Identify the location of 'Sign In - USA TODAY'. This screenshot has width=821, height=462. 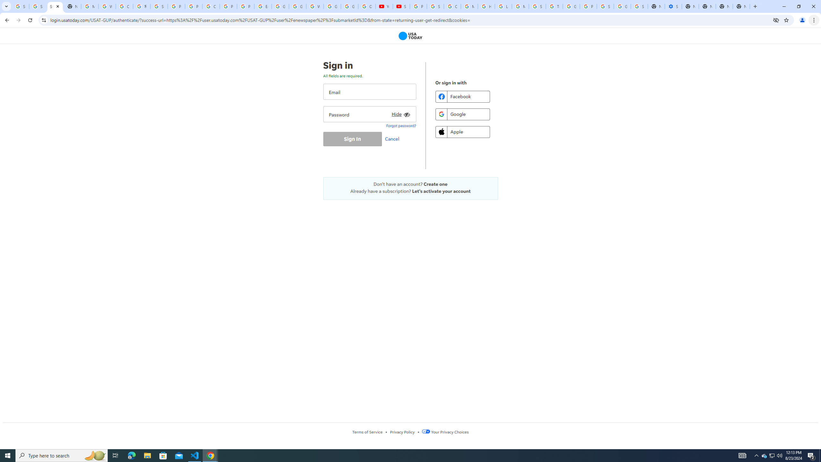
(55, 6).